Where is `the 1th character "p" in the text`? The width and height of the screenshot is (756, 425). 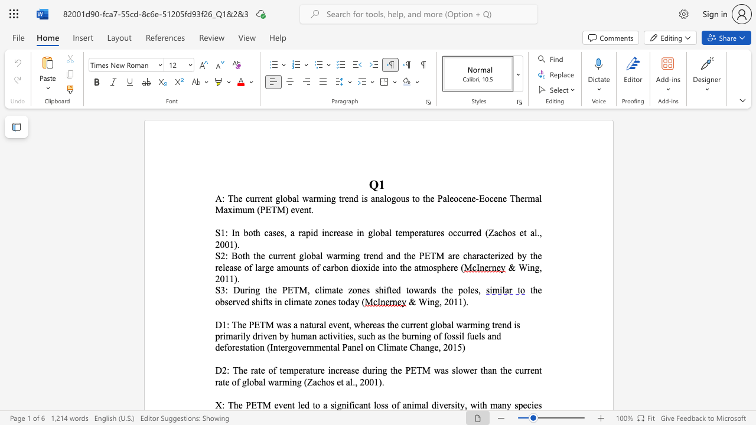 the 1th character "p" in the text is located at coordinates (296, 370).